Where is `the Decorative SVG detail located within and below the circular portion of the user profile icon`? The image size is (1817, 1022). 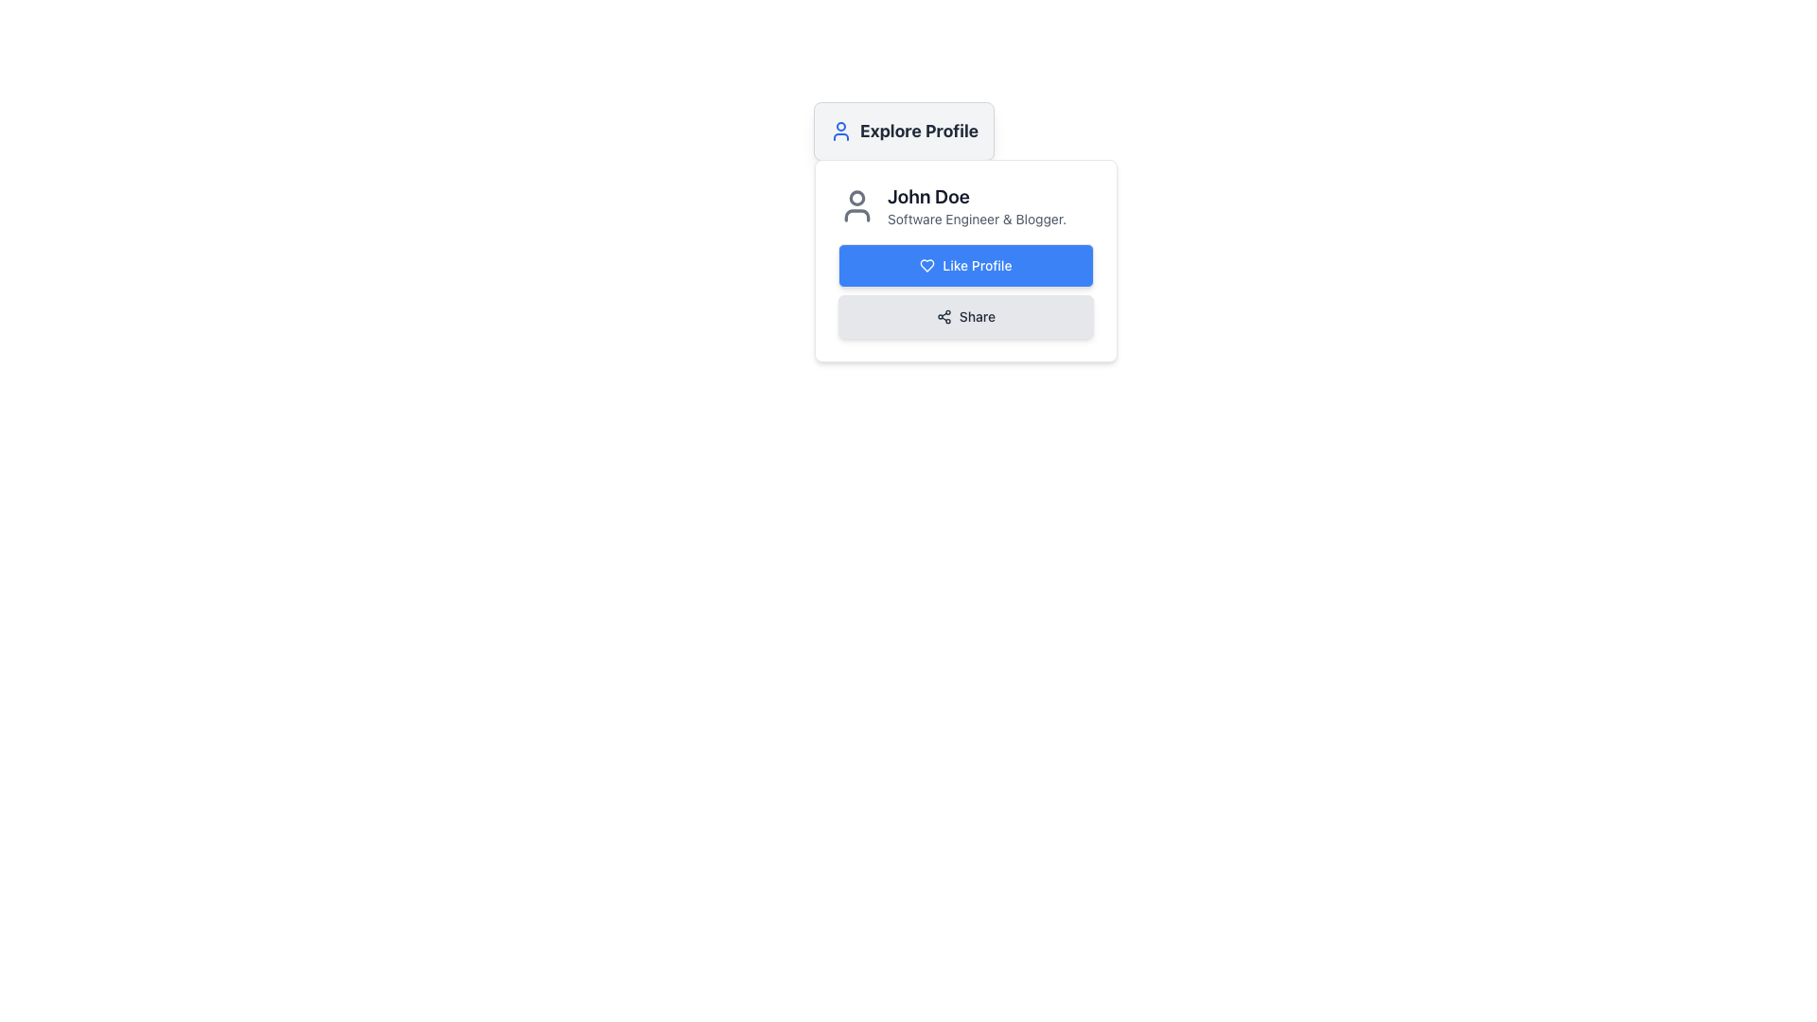
the Decorative SVG detail located within and below the circular portion of the user profile icon is located at coordinates (856, 214).